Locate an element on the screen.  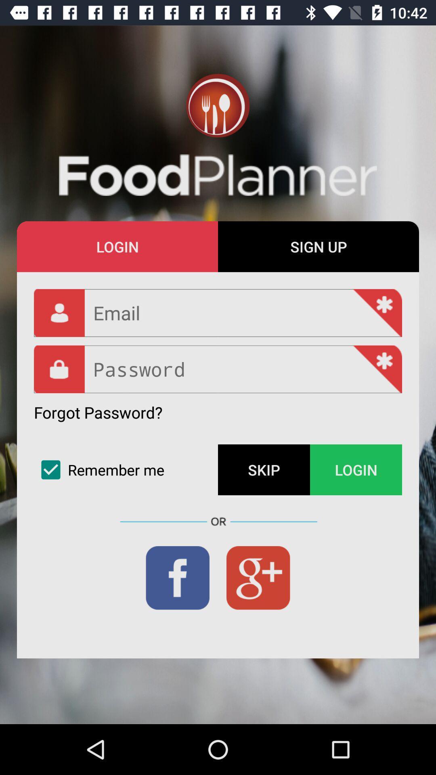
icon next to the remember me is located at coordinates (264, 470).